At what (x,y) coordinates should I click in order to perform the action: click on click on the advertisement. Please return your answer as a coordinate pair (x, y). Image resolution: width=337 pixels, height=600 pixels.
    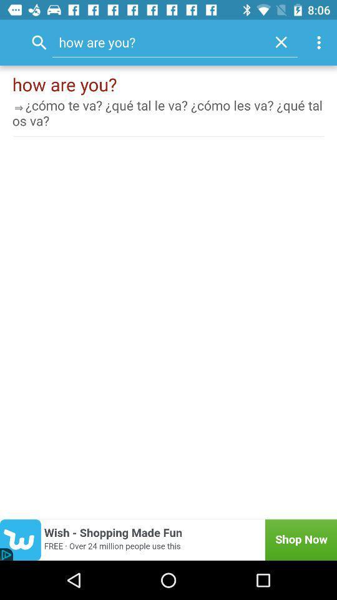
    Looking at the image, I should click on (168, 539).